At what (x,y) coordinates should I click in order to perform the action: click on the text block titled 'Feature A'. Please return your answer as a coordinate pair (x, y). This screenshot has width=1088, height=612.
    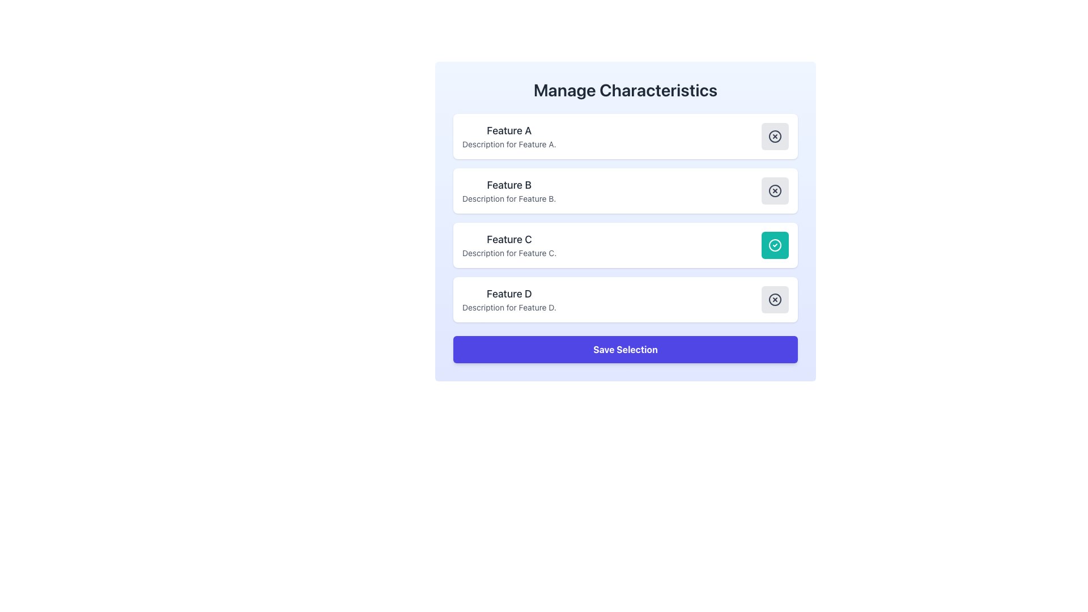
    Looking at the image, I should click on (508, 135).